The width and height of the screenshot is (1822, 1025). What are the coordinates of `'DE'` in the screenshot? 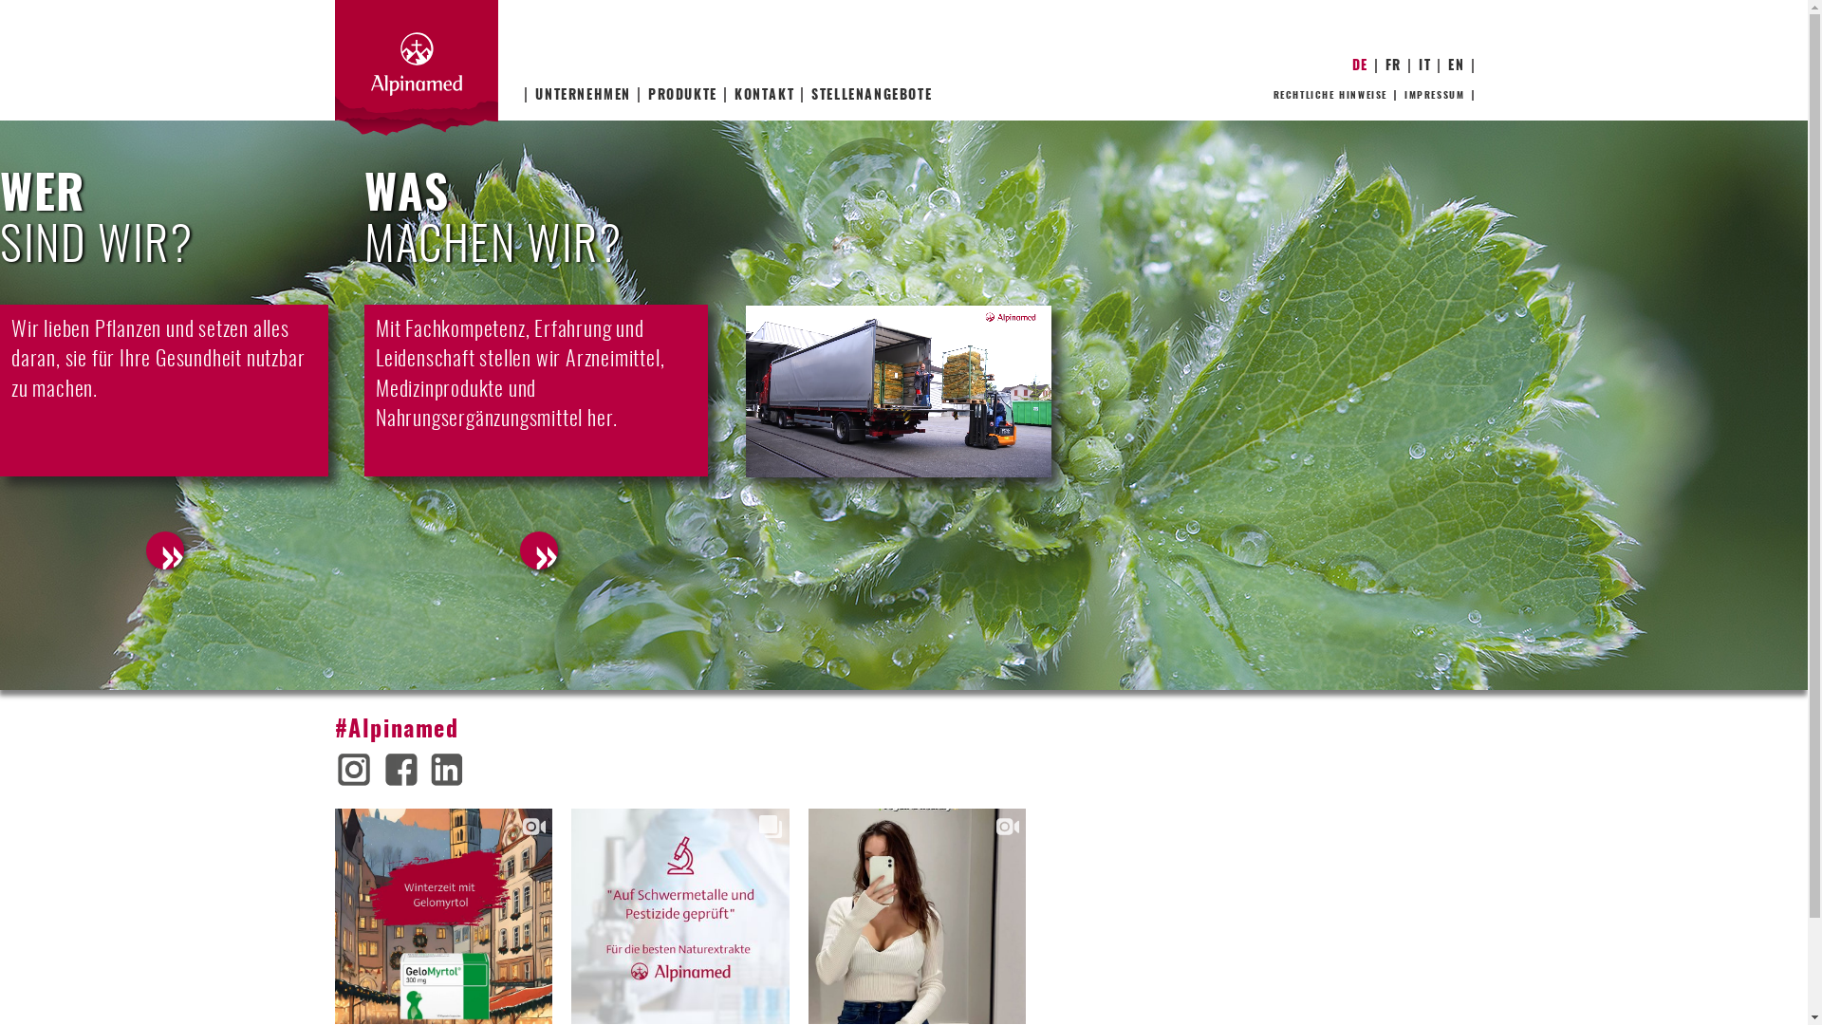 It's located at (1359, 65).